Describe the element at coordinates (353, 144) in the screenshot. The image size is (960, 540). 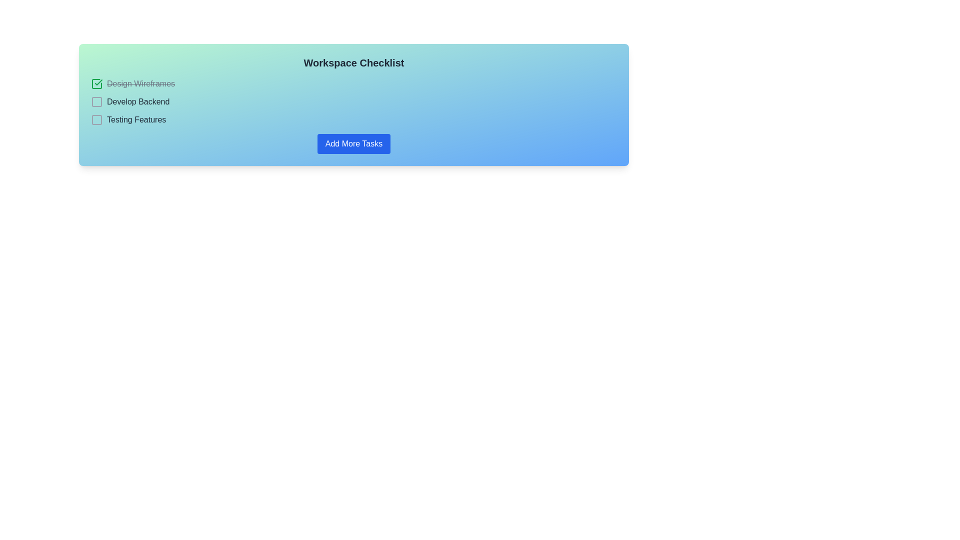
I see `the 'Add More Tasks' button to add a new task` at that location.